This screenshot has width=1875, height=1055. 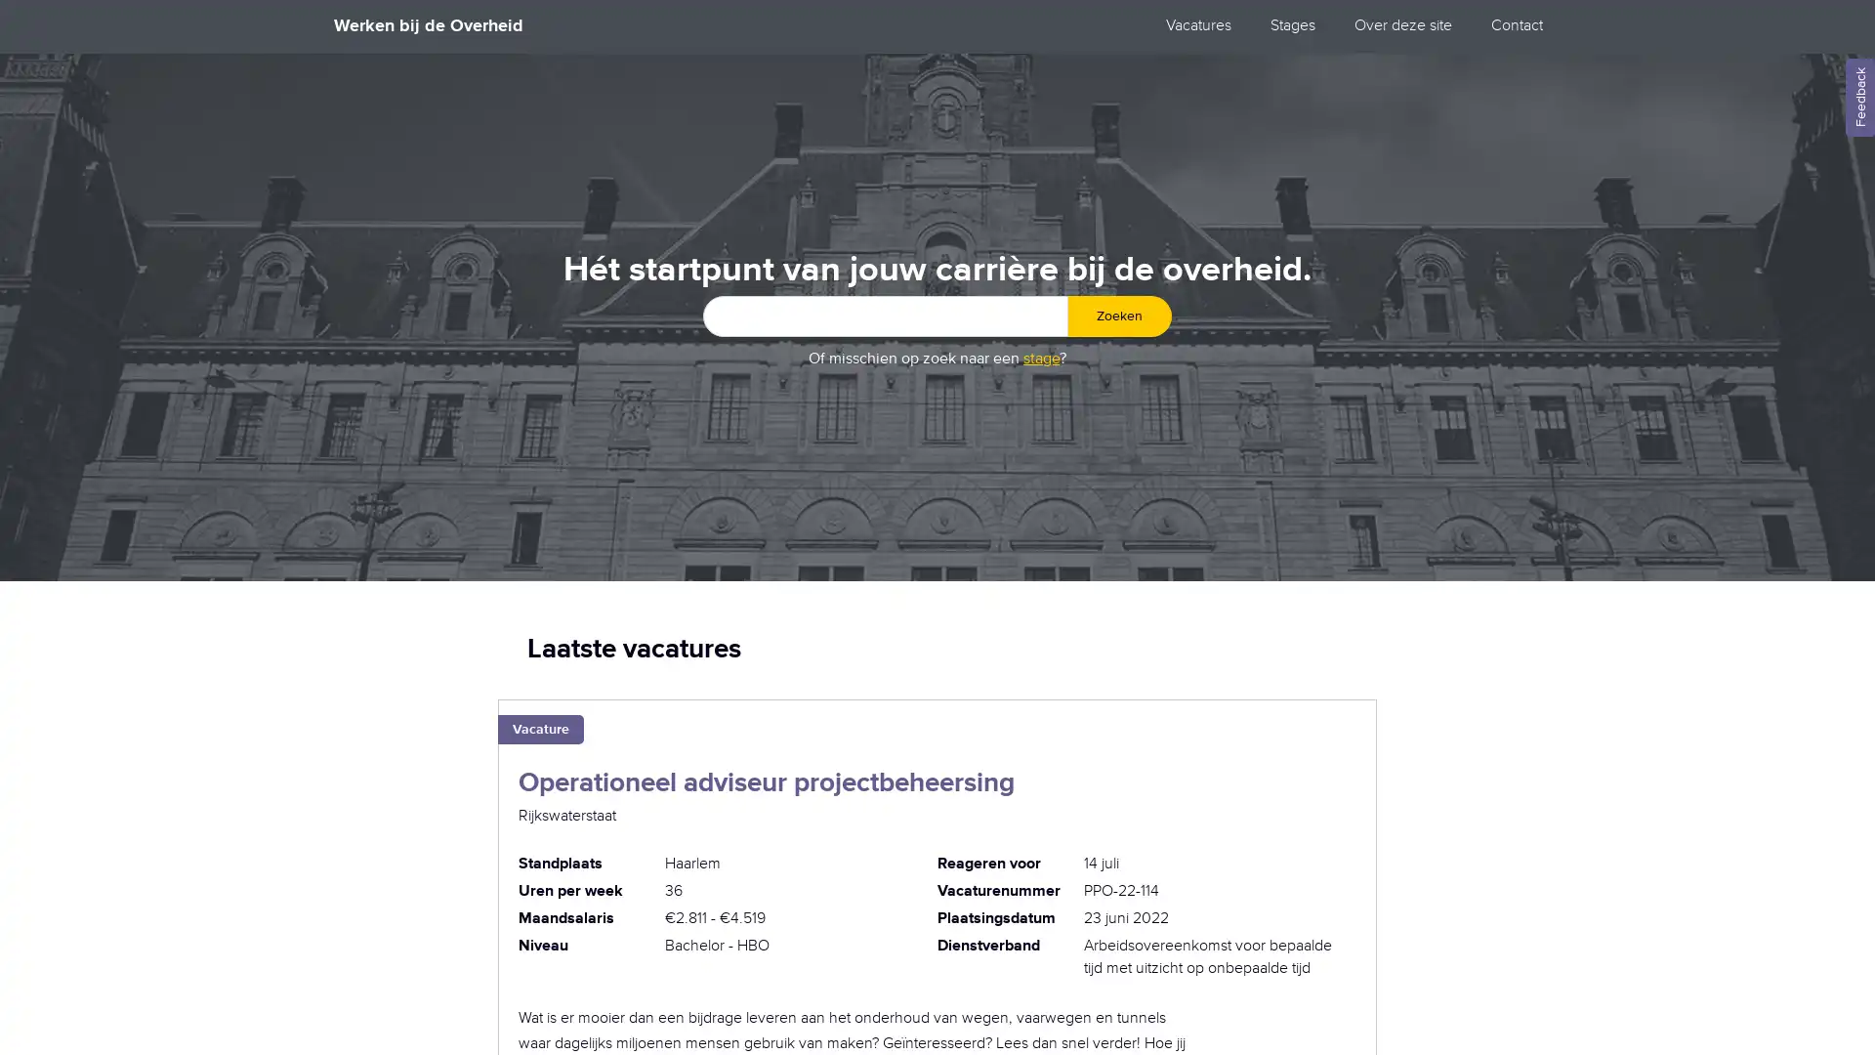 I want to click on Zoeken, so click(x=1119, y=315).